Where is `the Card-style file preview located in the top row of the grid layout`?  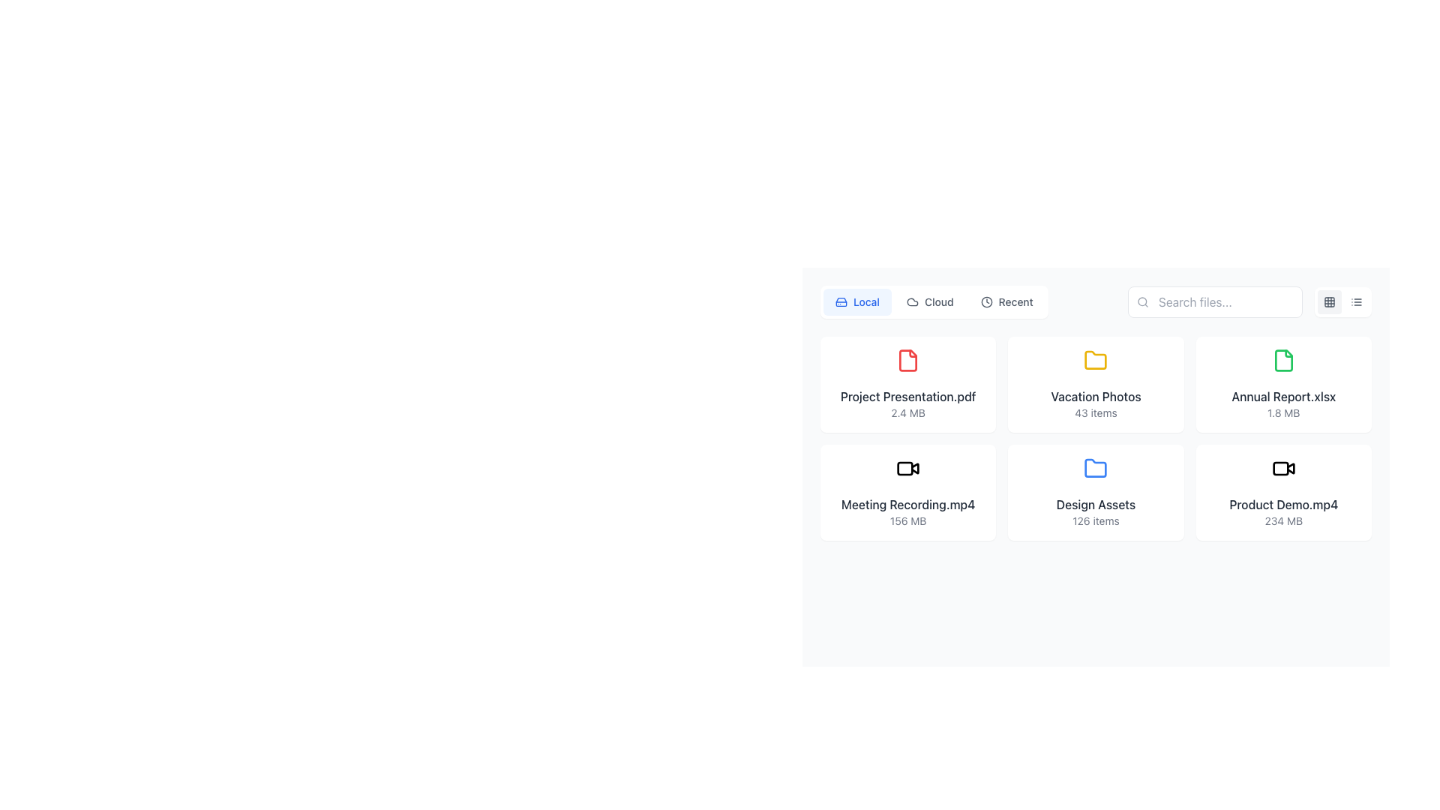
the Card-style file preview located in the top row of the grid layout is located at coordinates (907, 384).